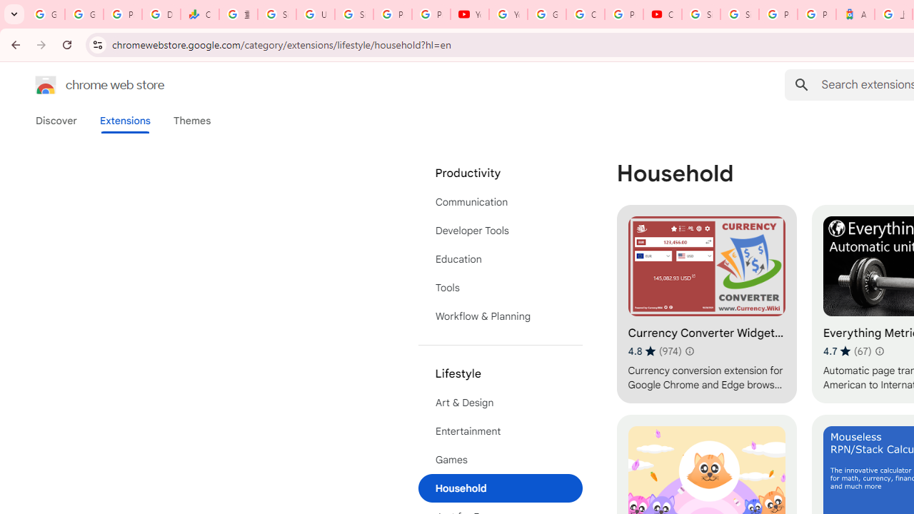 This screenshot has height=514, width=914. What do you see at coordinates (500, 258) in the screenshot?
I see `'Education'` at bounding box center [500, 258].